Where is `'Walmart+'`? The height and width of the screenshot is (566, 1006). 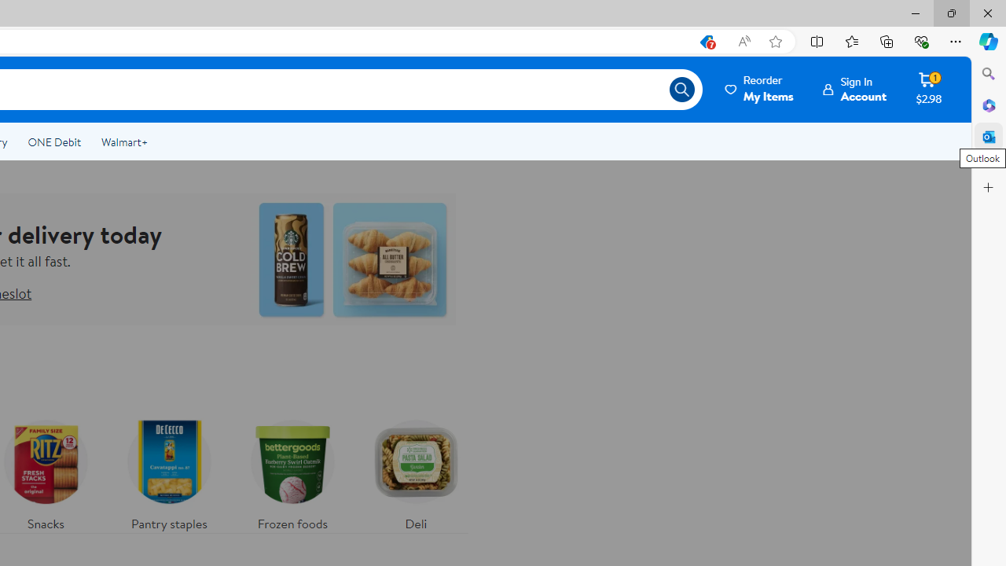
'Walmart+' is located at coordinates (123, 142).